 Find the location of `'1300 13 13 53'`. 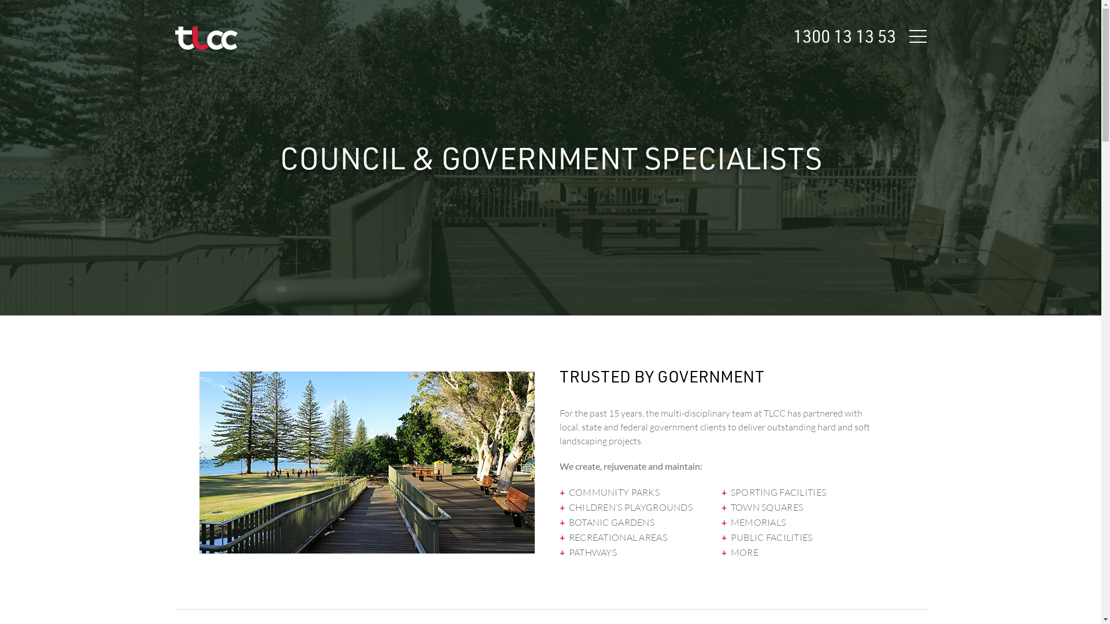

'1300 13 13 53' is located at coordinates (844, 35).